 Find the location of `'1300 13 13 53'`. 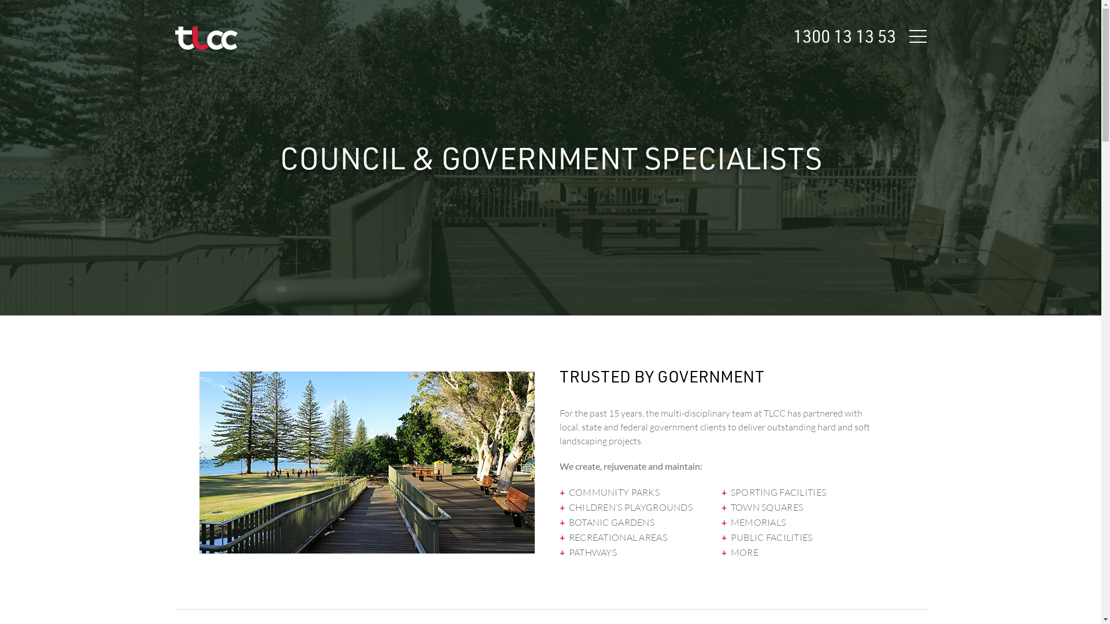

'1300 13 13 53' is located at coordinates (844, 35).